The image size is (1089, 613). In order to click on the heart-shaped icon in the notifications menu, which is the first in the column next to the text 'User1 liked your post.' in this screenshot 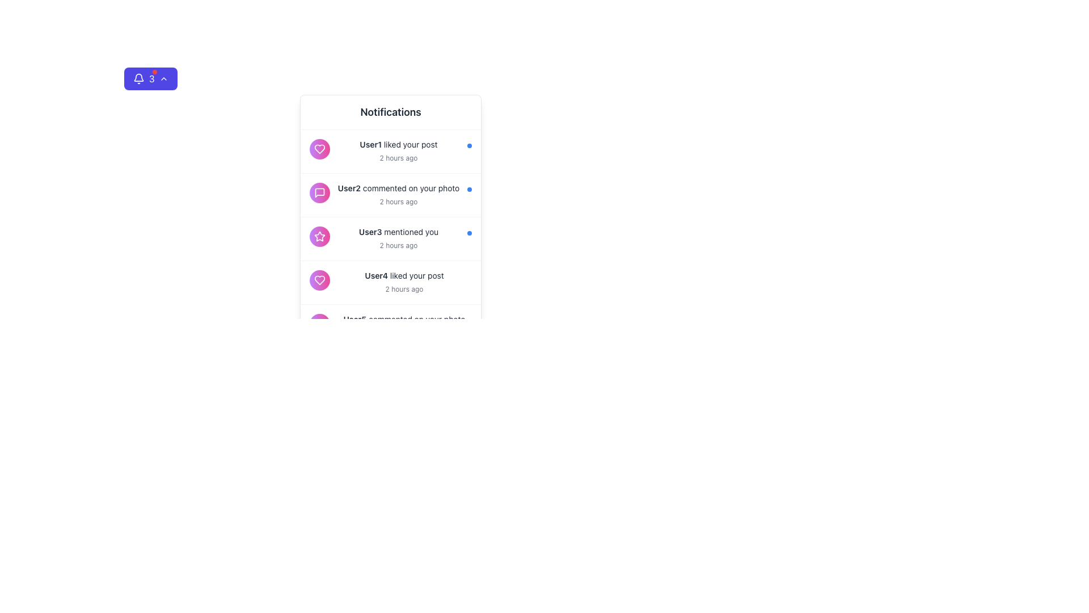, I will do `click(319, 280)`.